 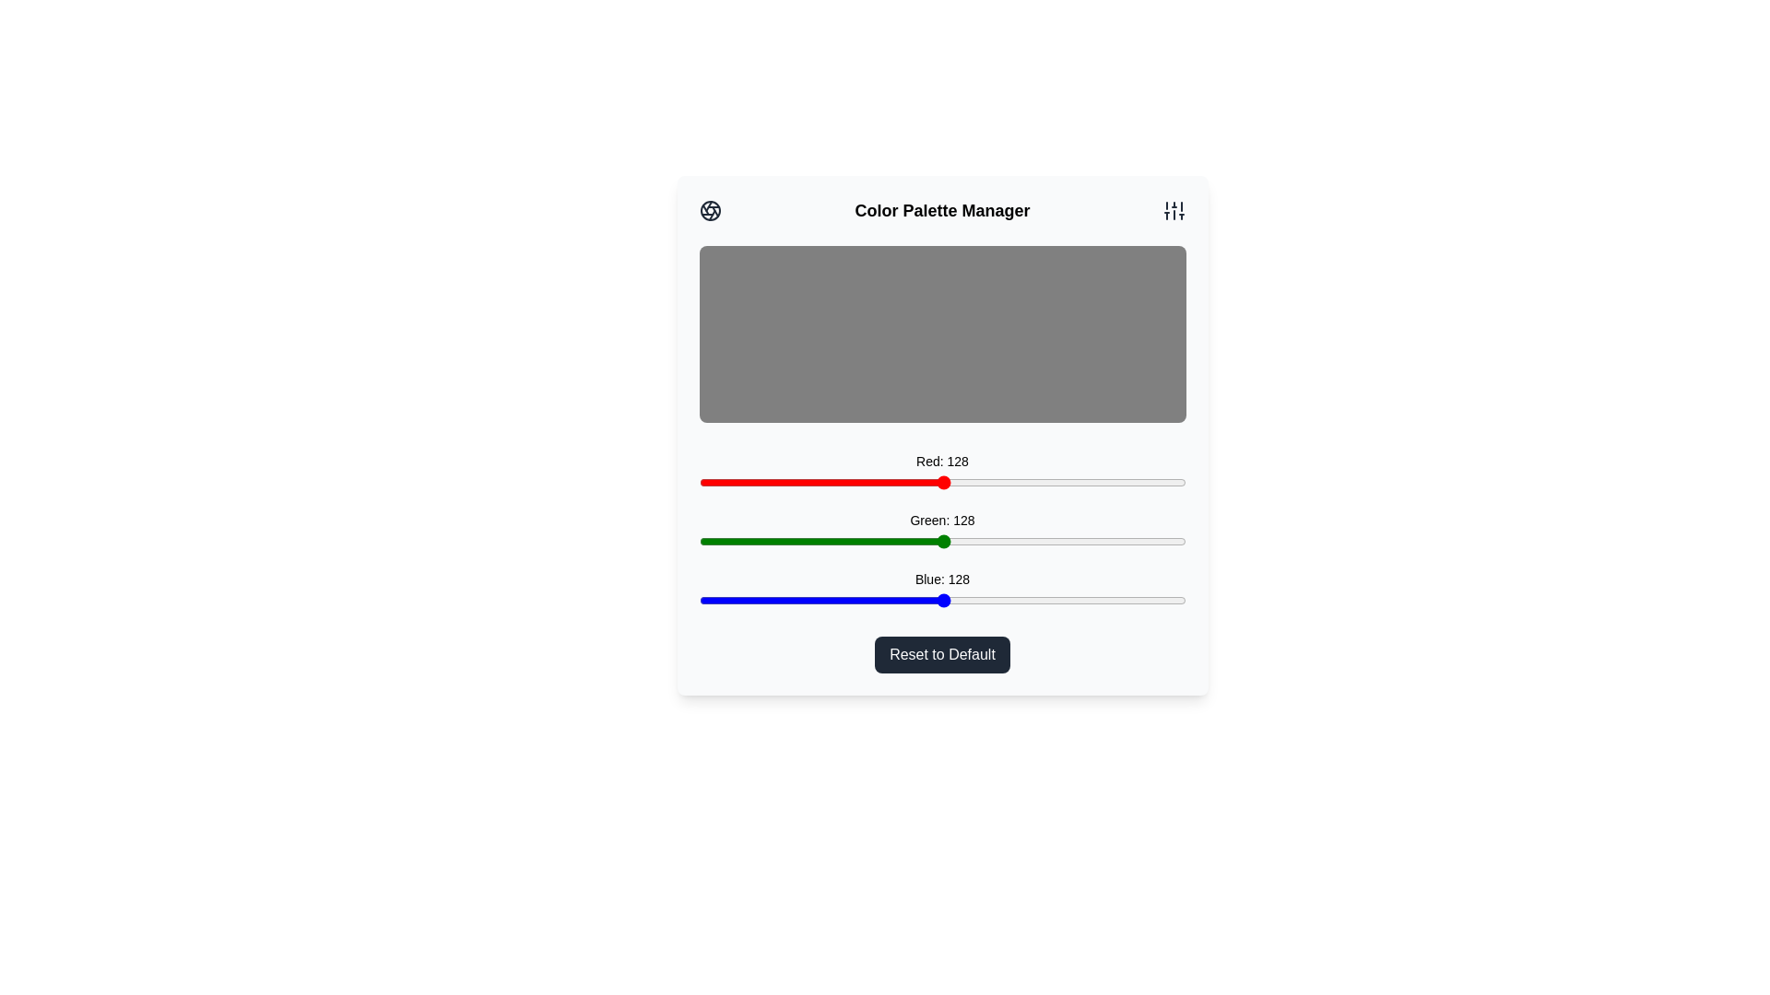 I want to click on the blue slider to set the blue intensity to 213, so click(x=1105, y=600).